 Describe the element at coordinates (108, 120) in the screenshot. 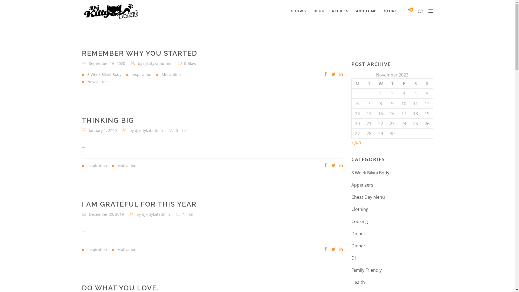

I see `'THINKING BIG'` at that location.